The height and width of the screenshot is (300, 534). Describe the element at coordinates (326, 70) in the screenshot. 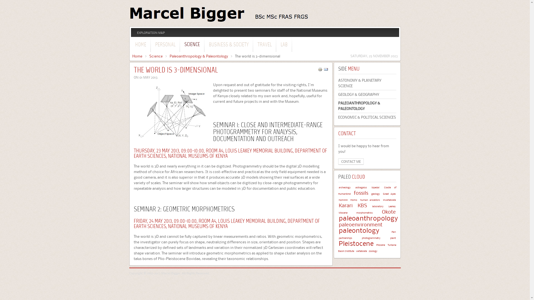

I see `'Email'` at that location.